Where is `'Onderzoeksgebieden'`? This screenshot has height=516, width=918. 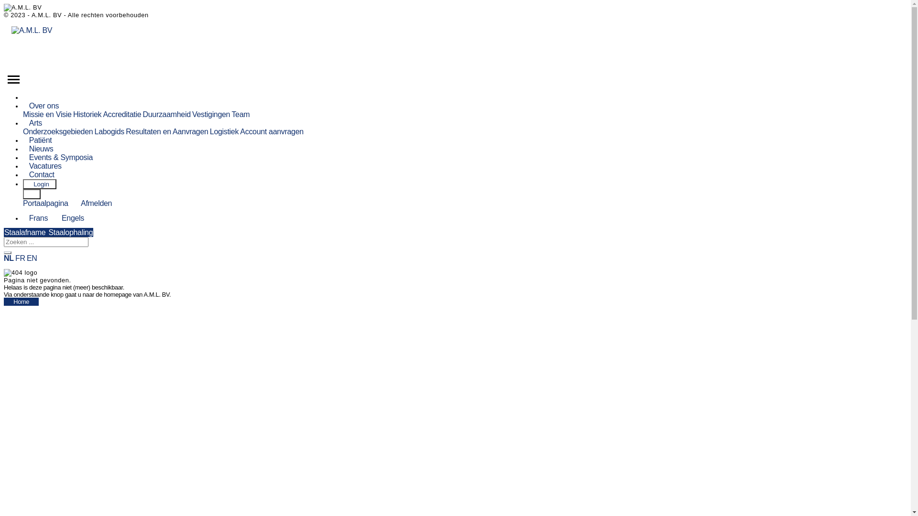 'Onderzoeksgebieden' is located at coordinates (23, 131).